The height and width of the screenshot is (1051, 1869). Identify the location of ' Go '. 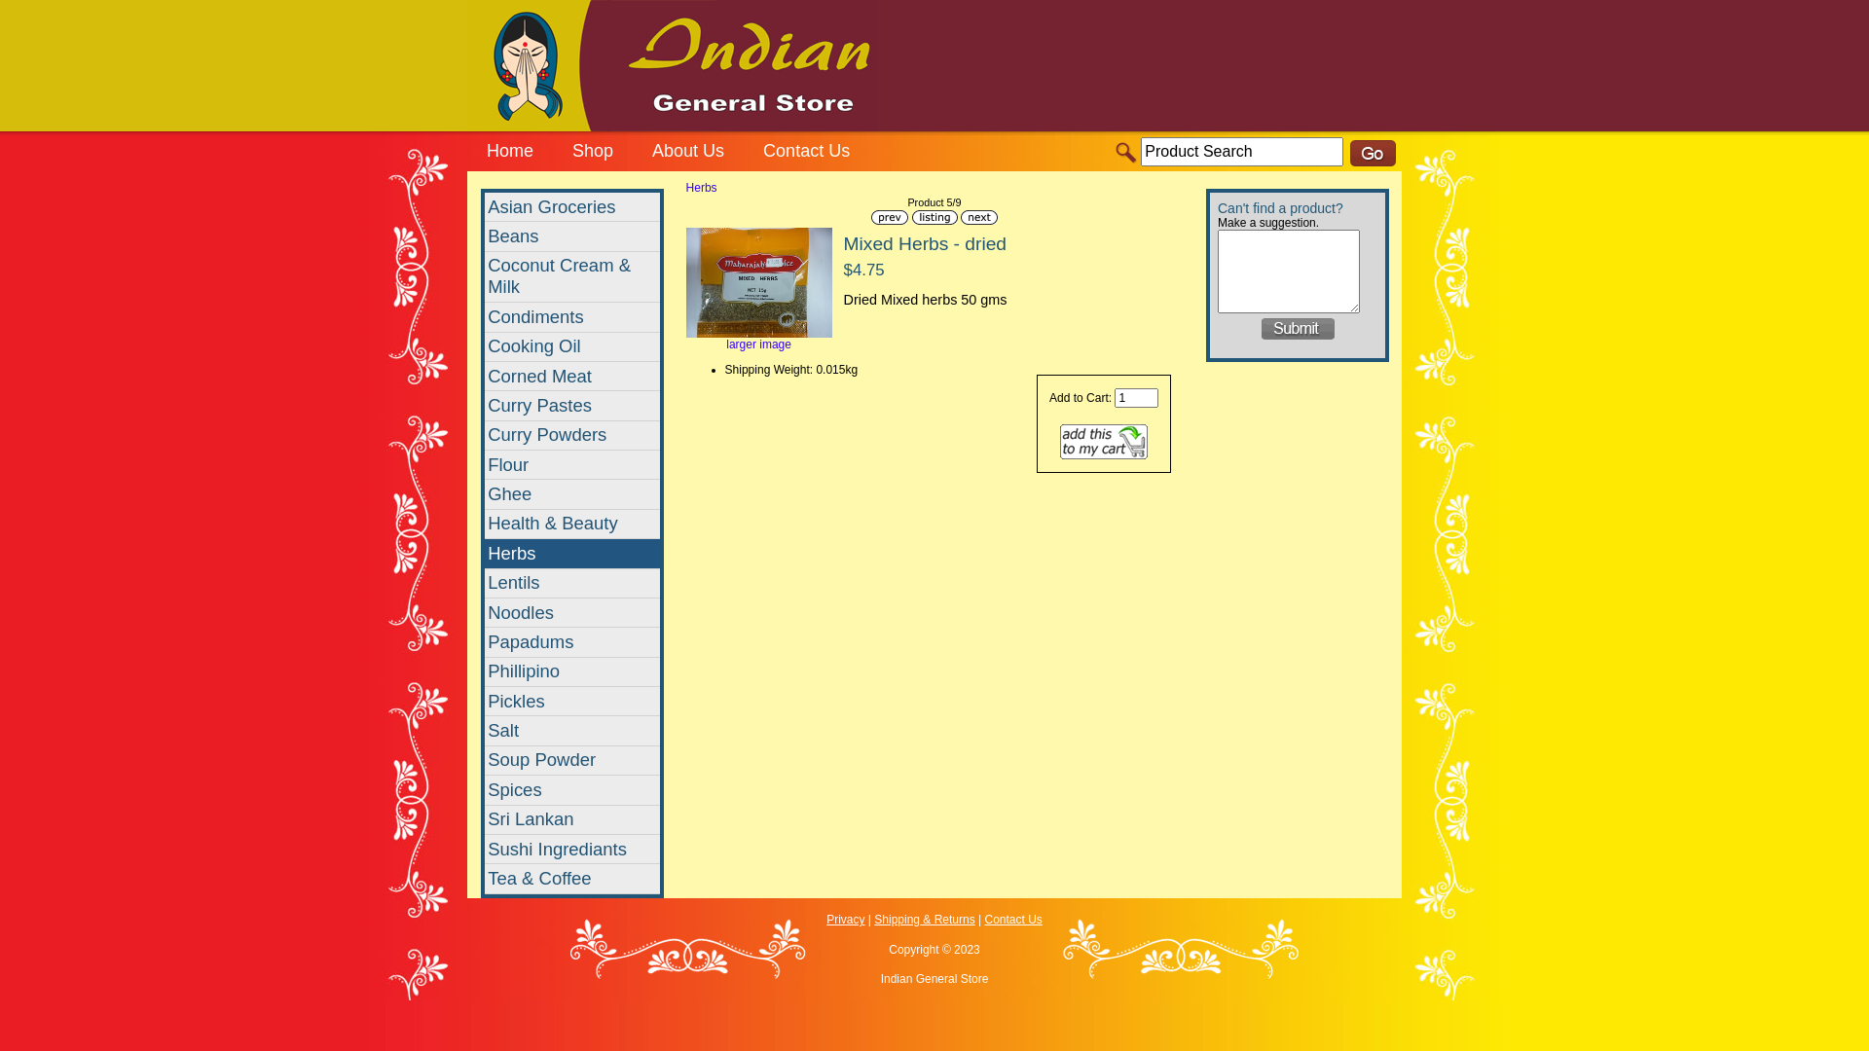
(1349, 152).